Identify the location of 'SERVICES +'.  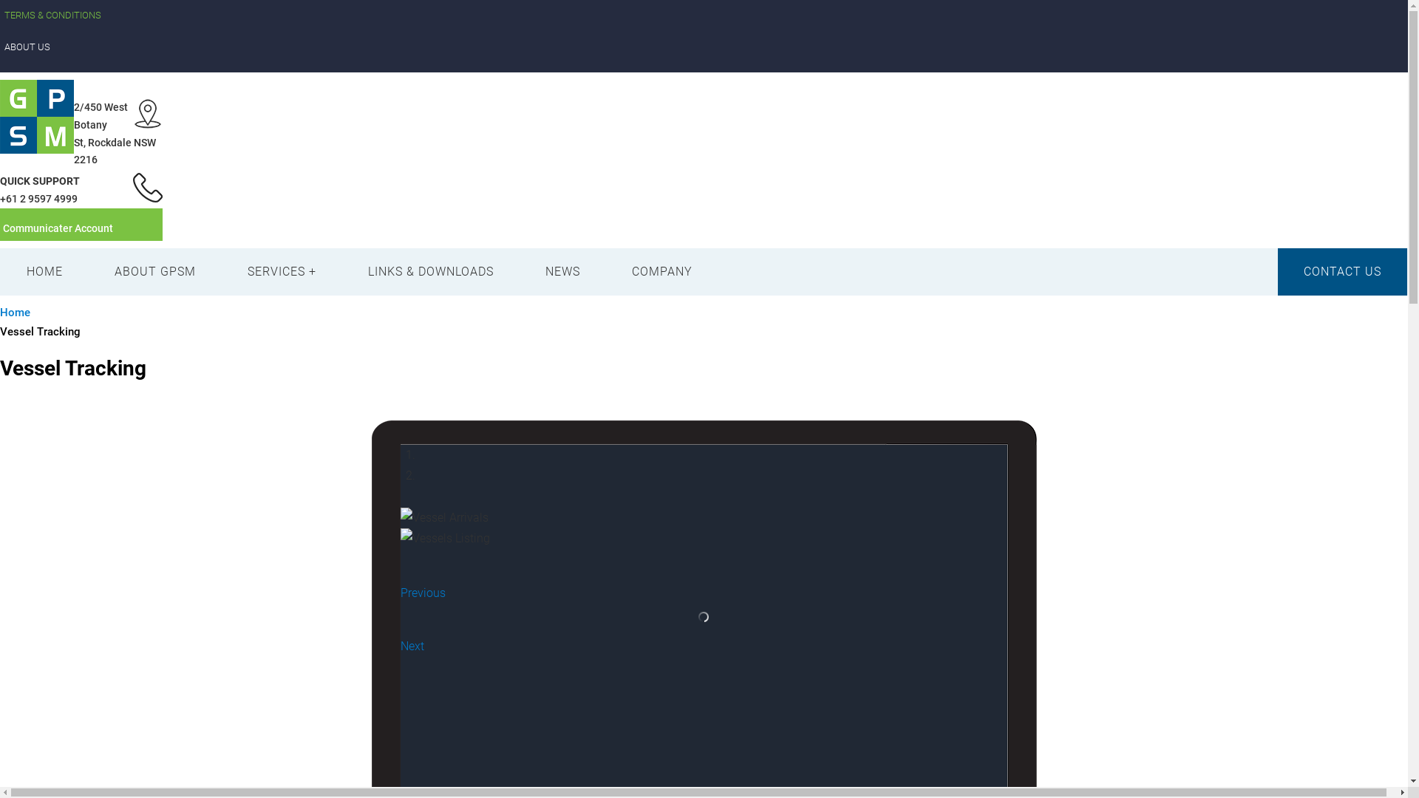
(282, 271).